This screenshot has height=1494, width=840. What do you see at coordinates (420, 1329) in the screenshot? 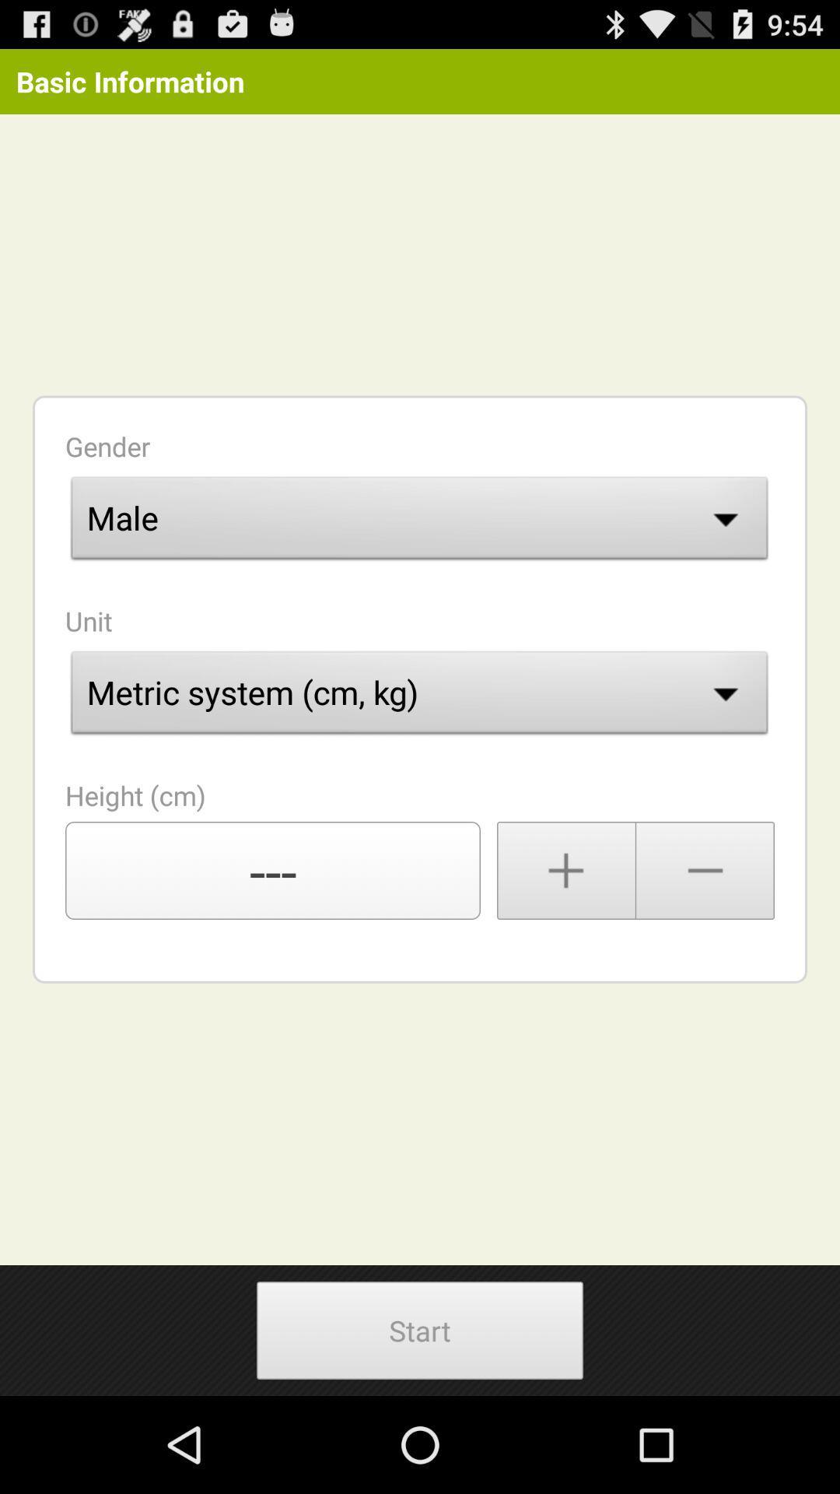
I see `start button` at bounding box center [420, 1329].